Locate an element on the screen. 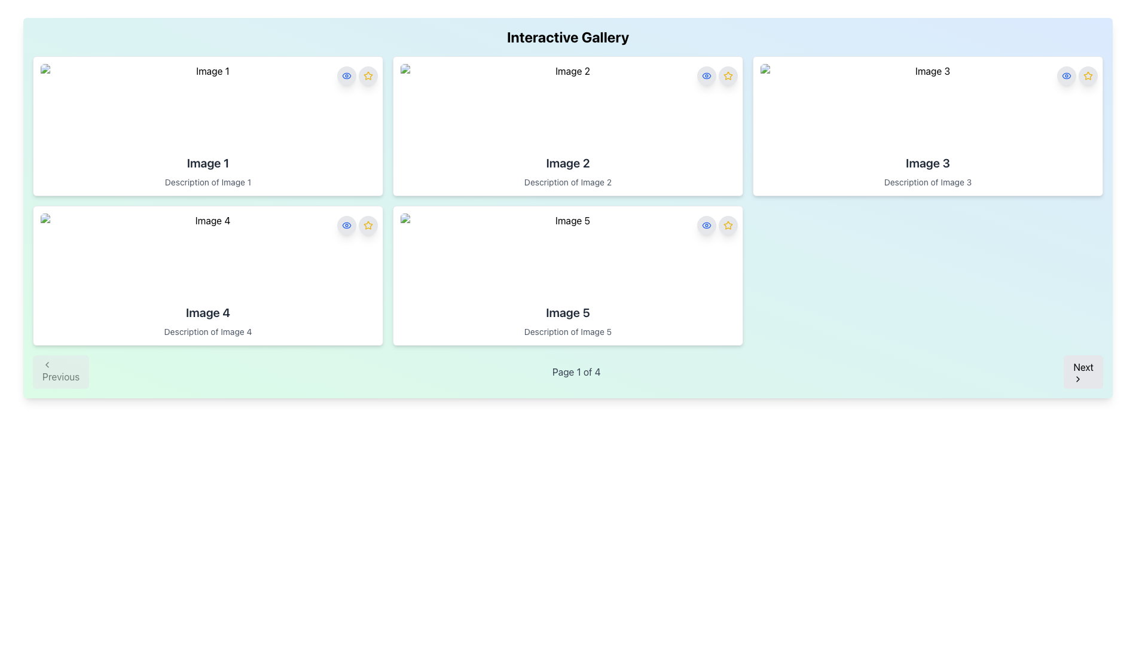  the circular button with a gray background and a yellow star icon located at the top-right corner of the card labeled 'Image 1' to change its background color is located at coordinates (367, 76).